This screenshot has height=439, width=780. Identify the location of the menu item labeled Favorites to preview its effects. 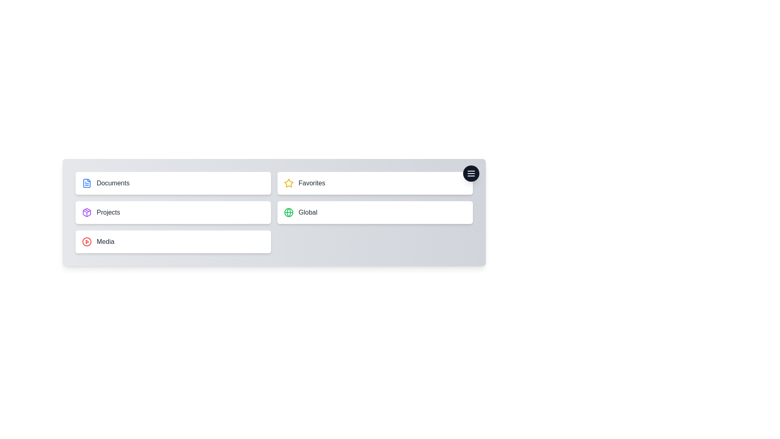
(375, 183).